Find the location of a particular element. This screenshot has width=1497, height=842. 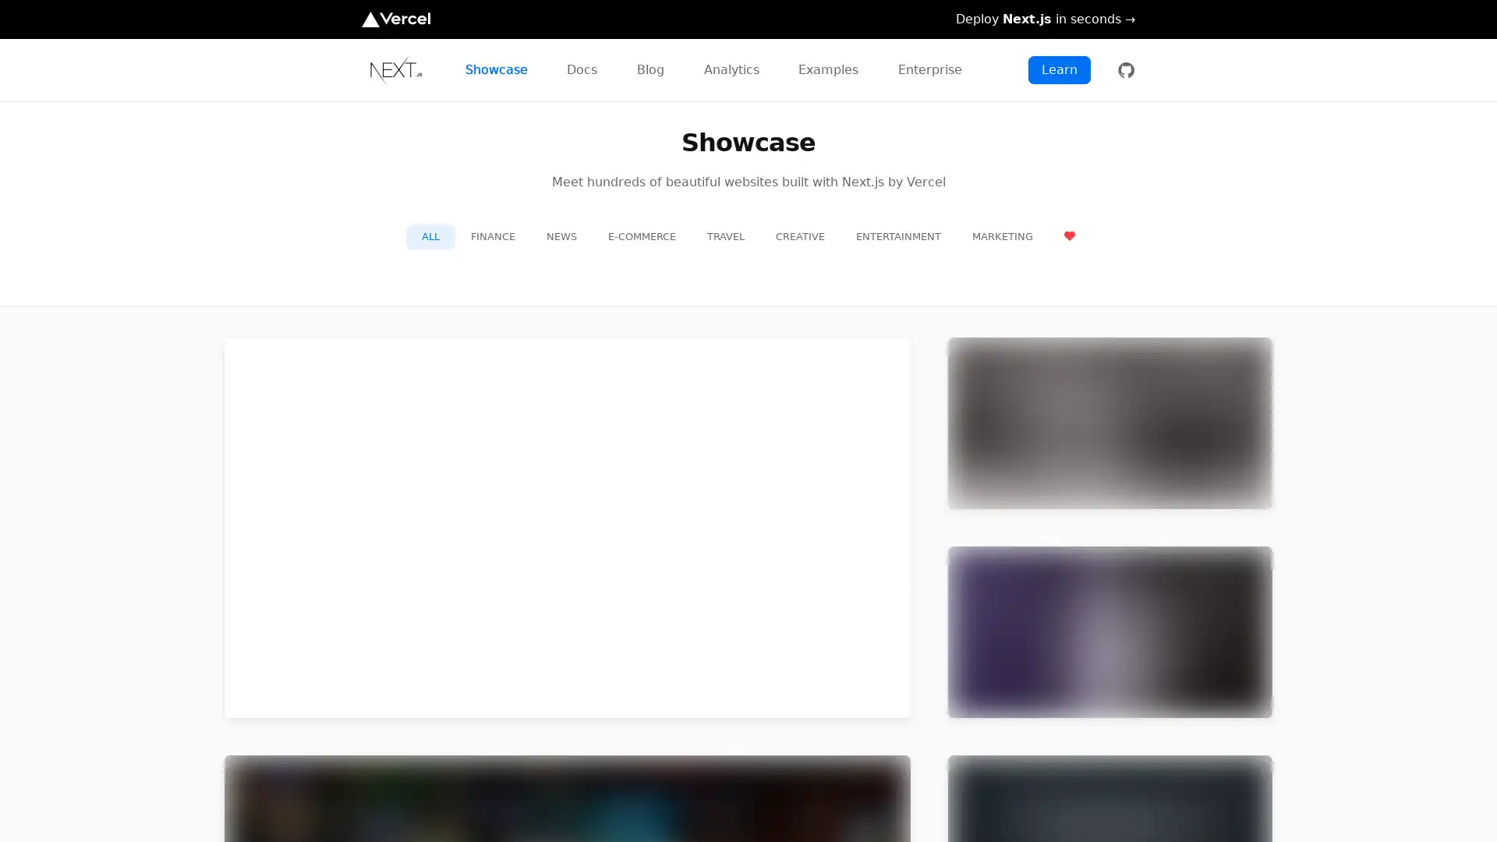

NEWS is located at coordinates (561, 236).